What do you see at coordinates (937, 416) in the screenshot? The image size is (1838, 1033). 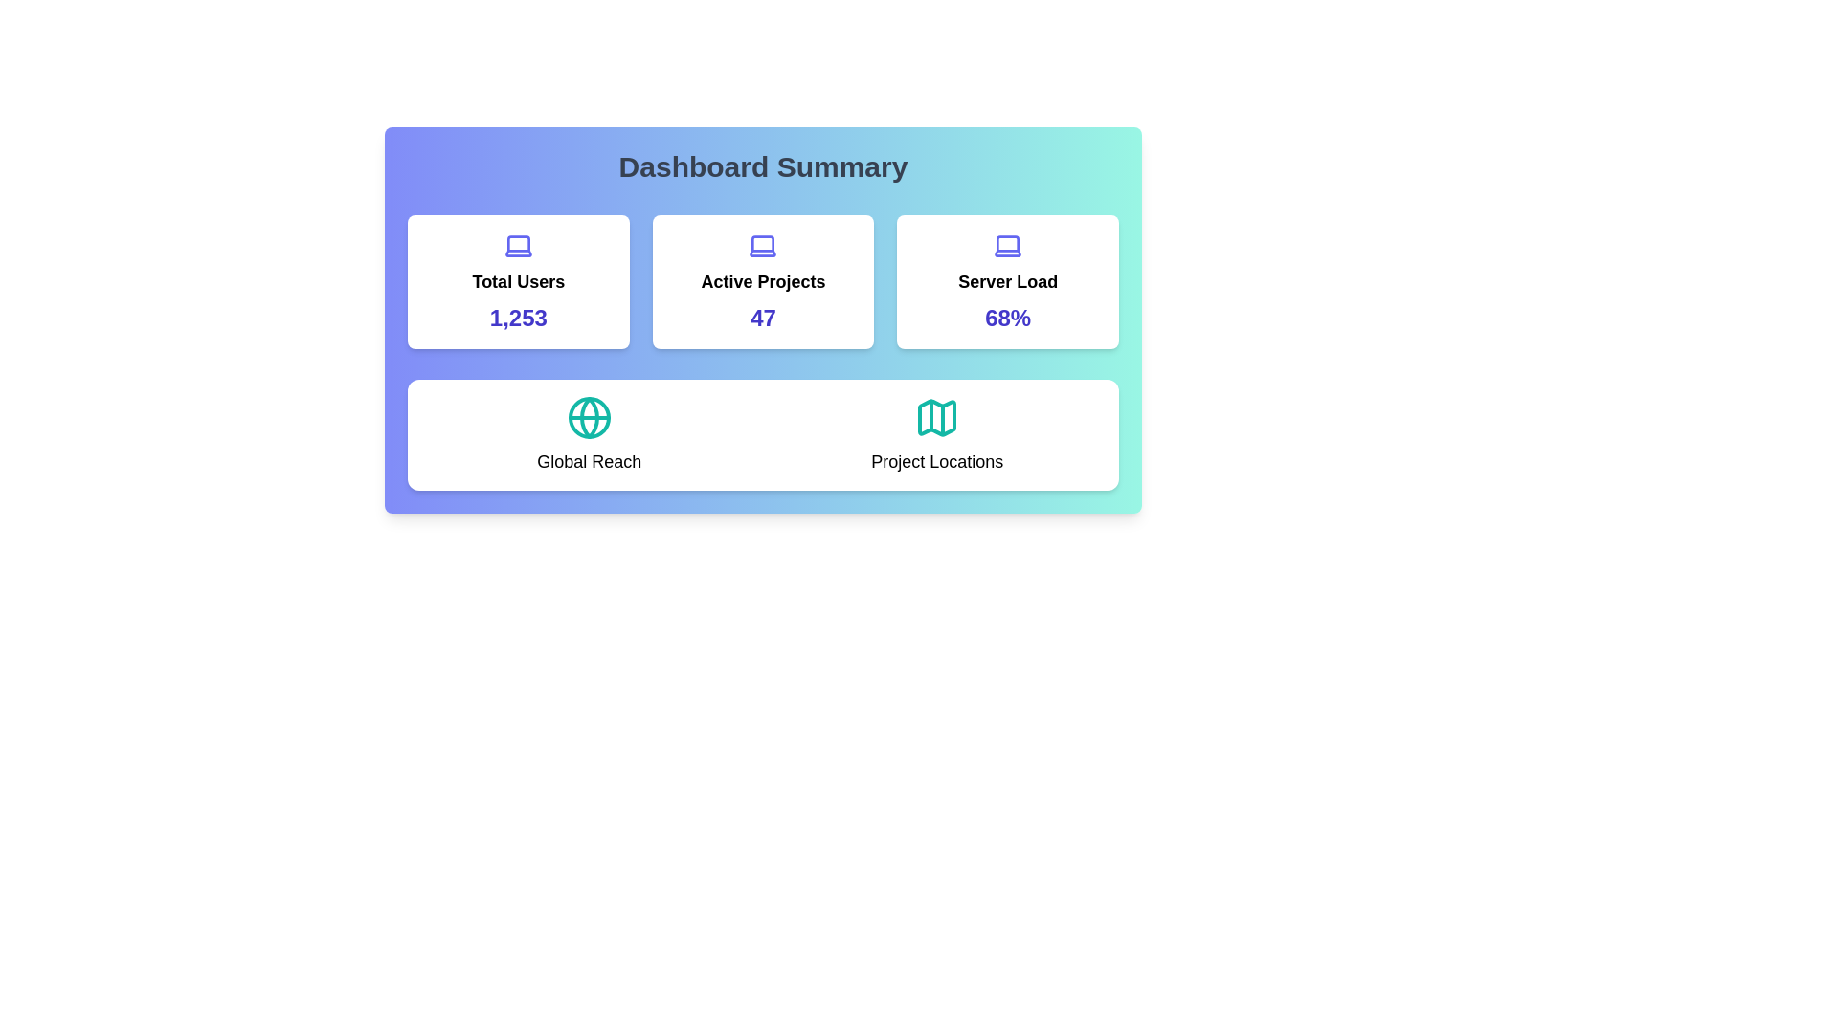 I see `the teal vector graphic icon resembling a folded map, located in the 'Project Locations' section of the interface` at bounding box center [937, 416].